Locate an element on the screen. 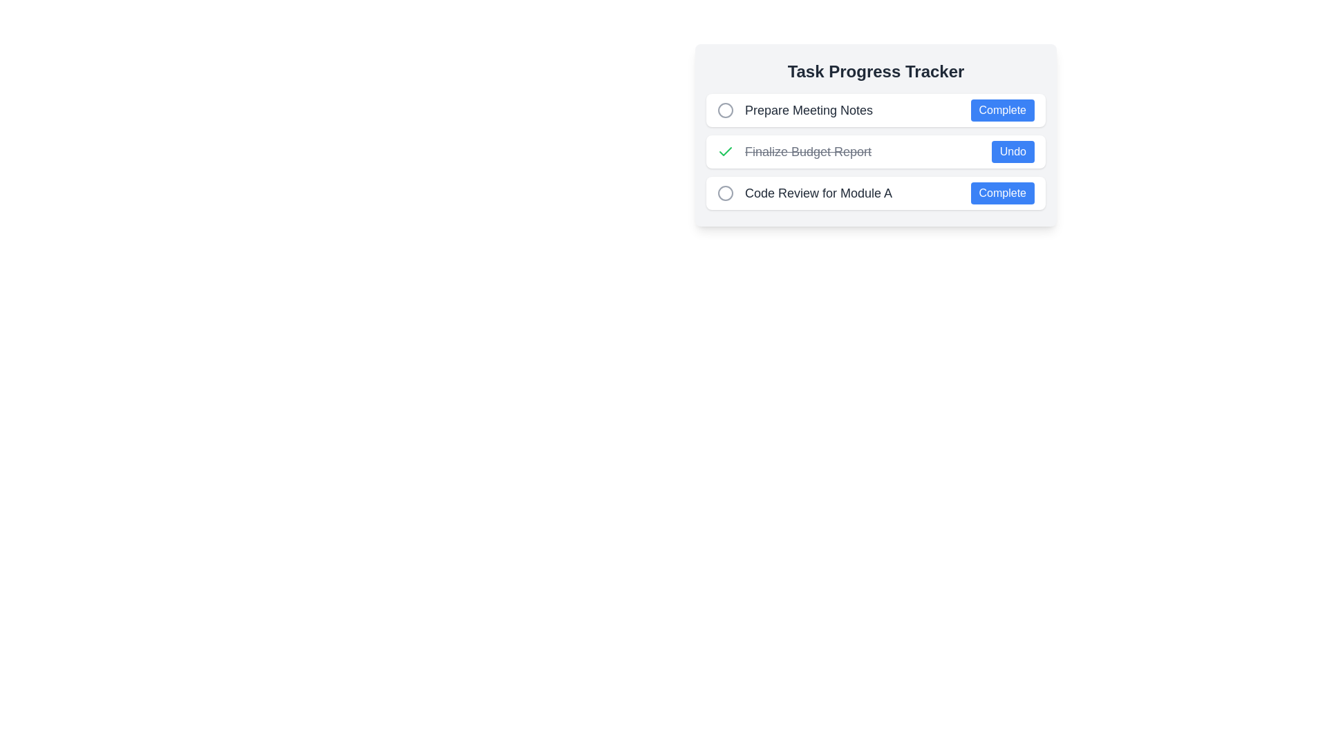  the graphical circle element within the SVG icon that indicates status, located to the left of the text 'Code Review for Module A' is located at coordinates (725, 193).